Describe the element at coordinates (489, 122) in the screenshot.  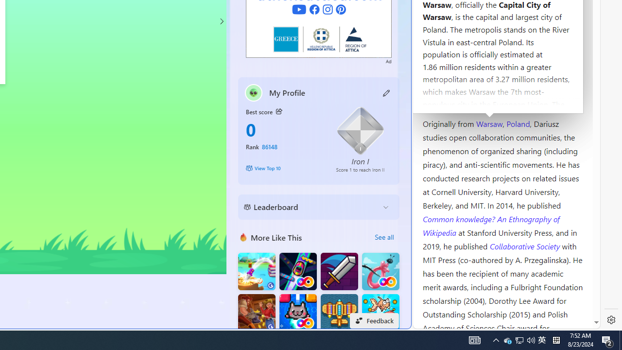
I see `'Warsaw'` at that location.